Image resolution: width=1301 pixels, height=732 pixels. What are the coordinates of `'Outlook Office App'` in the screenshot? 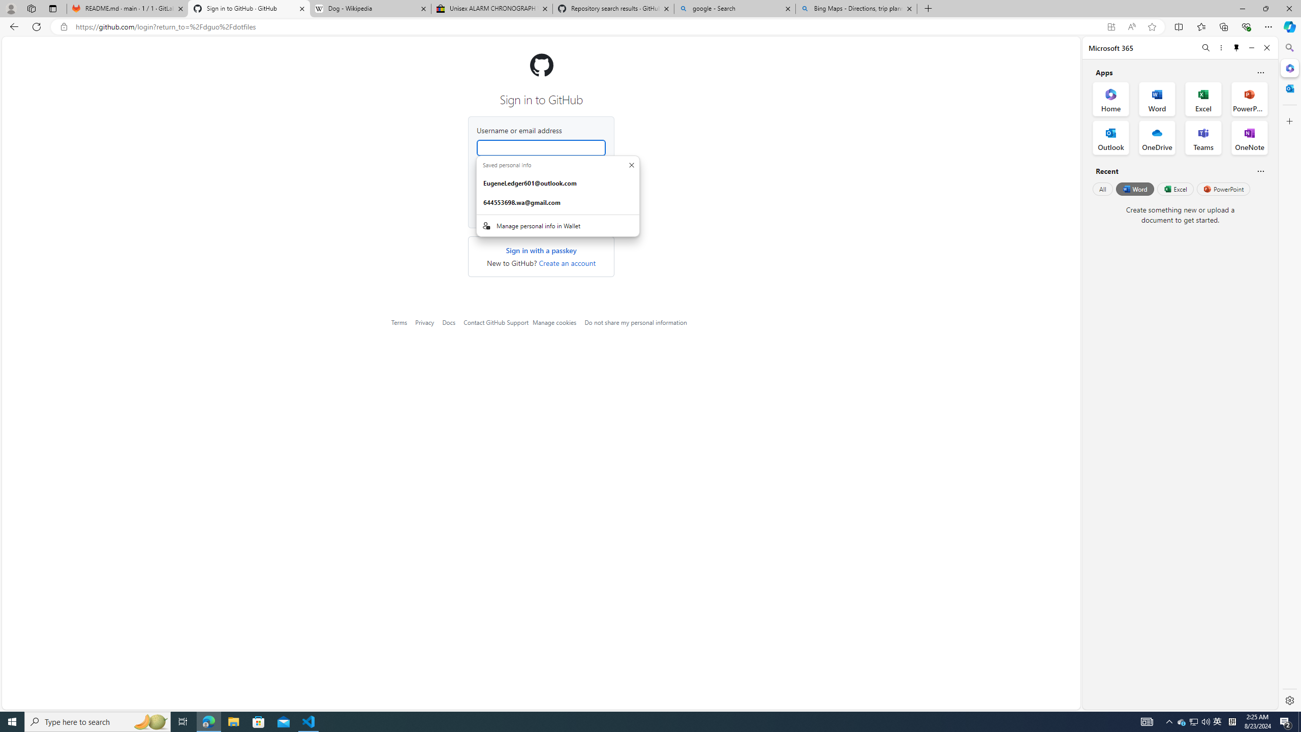 It's located at (1110, 138).